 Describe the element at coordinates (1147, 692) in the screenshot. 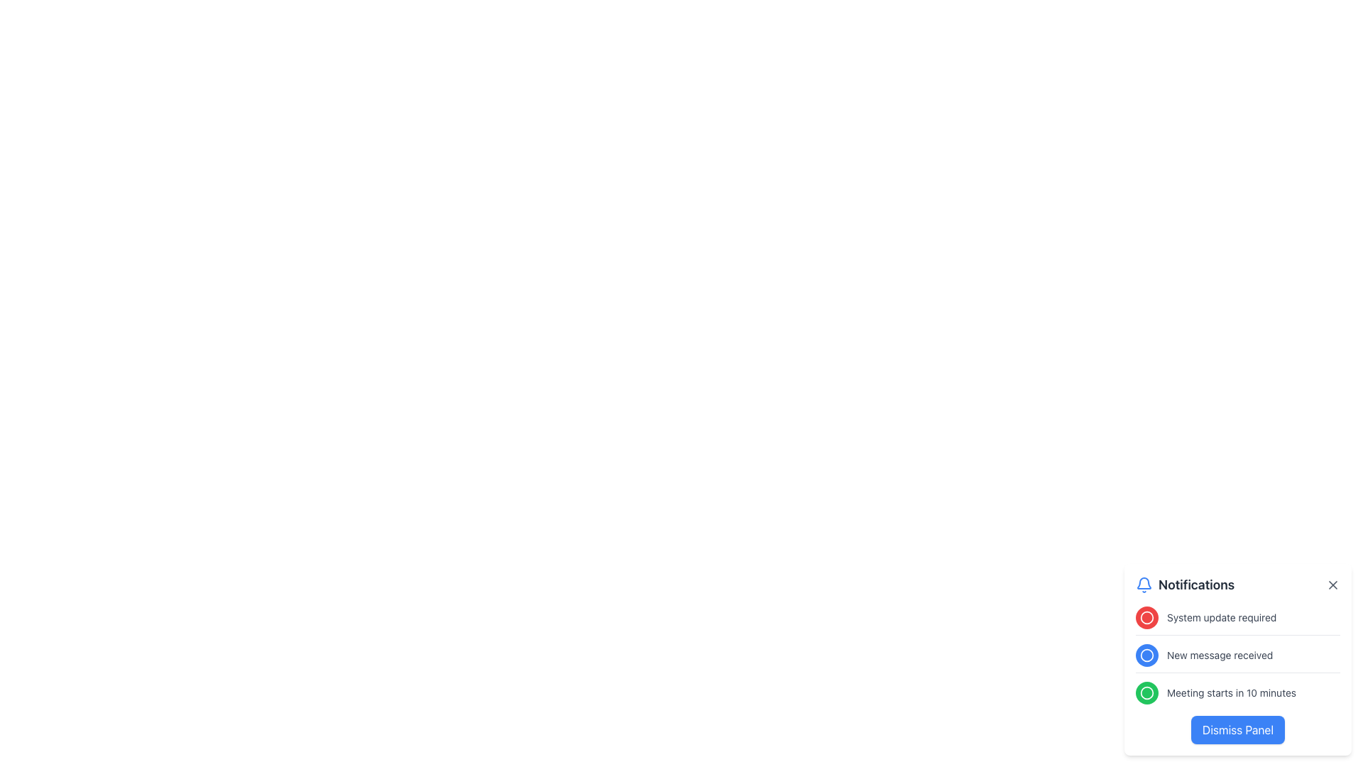

I see `the status icon, which is a circular icon with a white border over a green background, located` at that location.